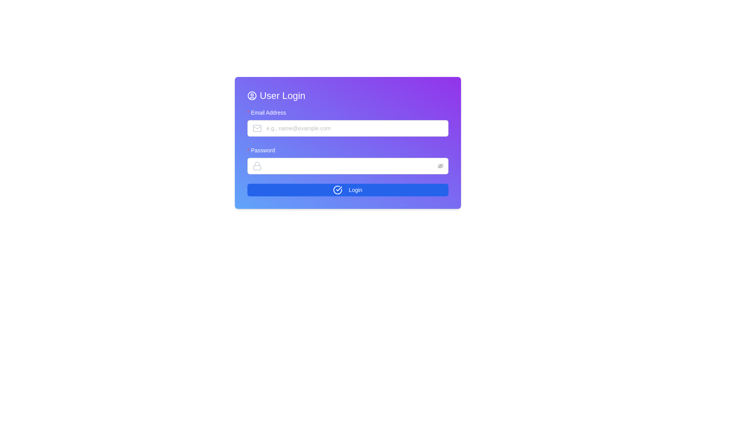  Describe the element at coordinates (347, 122) in the screenshot. I see `the email input field in the login form` at that location.